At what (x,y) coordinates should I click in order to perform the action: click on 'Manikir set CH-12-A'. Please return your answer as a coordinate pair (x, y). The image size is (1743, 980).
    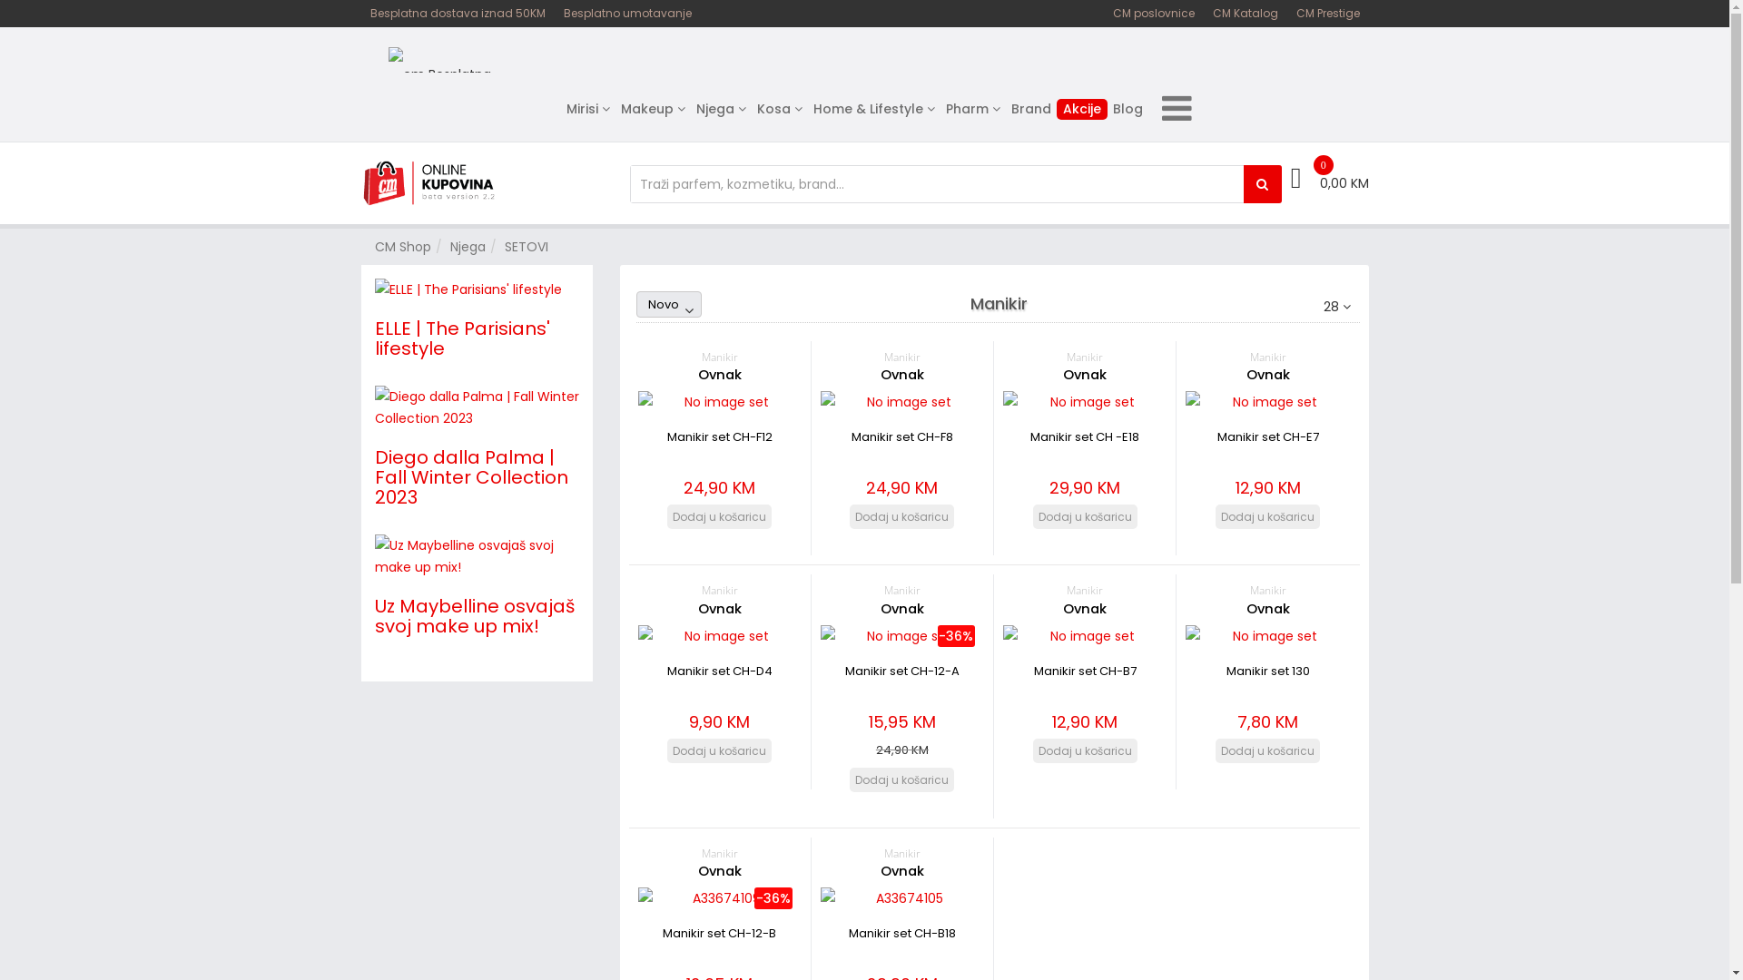
    Looking at the image, I should click on (901, 635).